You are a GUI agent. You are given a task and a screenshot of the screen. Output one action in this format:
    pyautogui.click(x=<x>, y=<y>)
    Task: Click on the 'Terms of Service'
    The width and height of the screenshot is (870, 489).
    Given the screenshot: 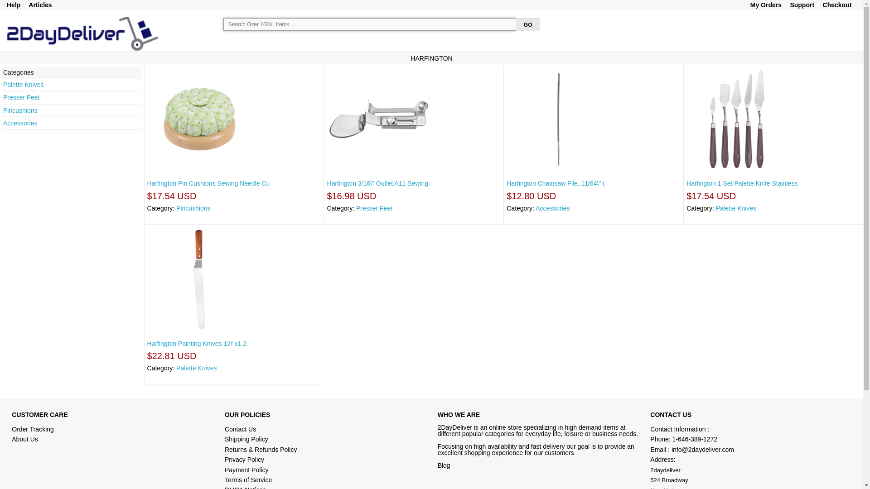 What is the action you would take?
    pyautogui.click(x=248, y=479)
    